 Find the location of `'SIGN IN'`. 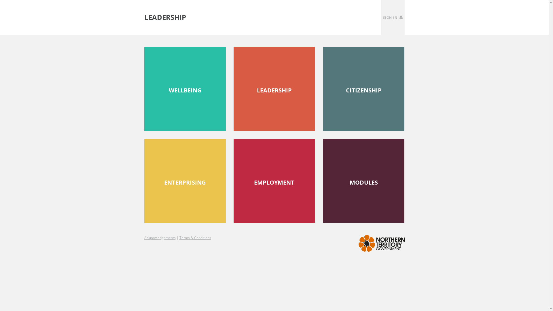

'SIGN IN' is located at coordinates (392, 17).